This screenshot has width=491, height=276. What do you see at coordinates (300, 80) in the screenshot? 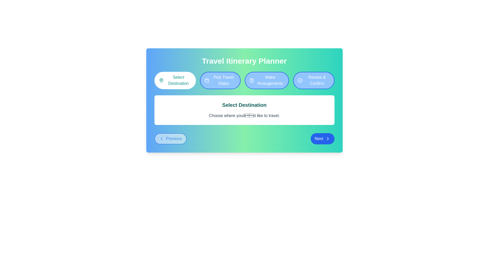
I see `the decorative icon indicating completion related to the 'Review & Confirm' step within the workflow` at bounding box center [300, 80].